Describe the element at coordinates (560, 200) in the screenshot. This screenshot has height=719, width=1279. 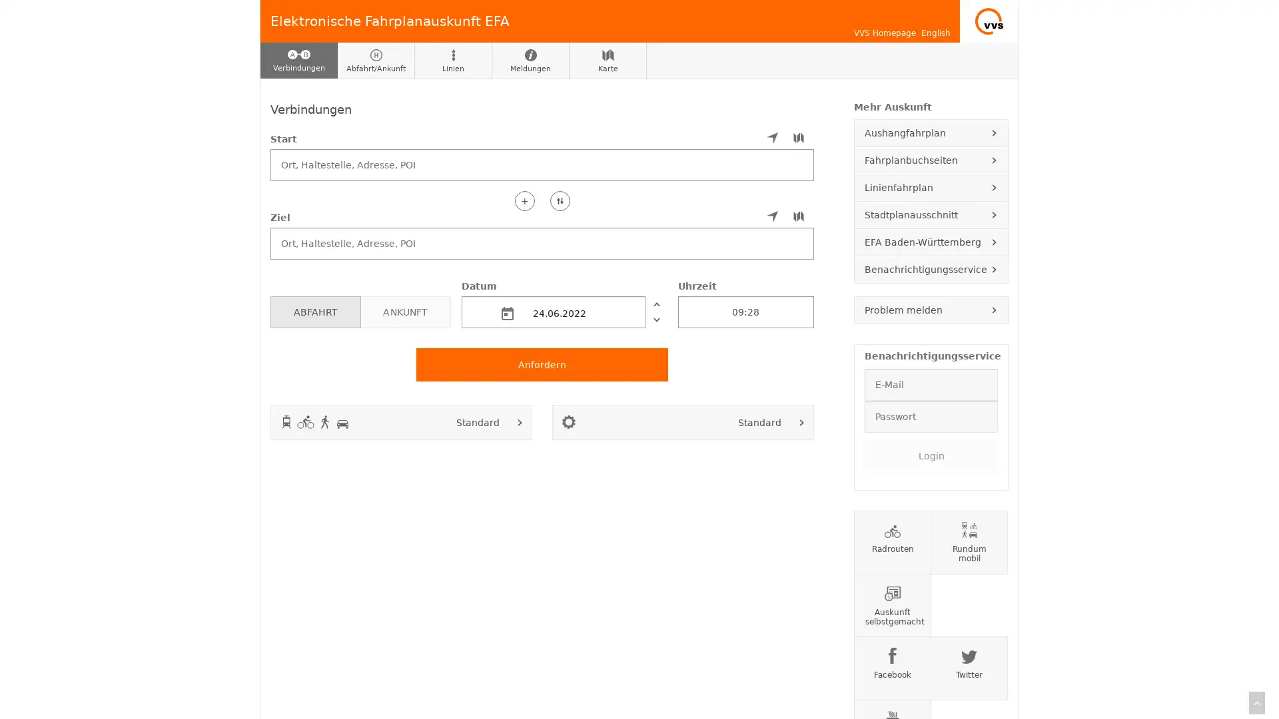
I see `Start und Ziel tauschen` at that location.